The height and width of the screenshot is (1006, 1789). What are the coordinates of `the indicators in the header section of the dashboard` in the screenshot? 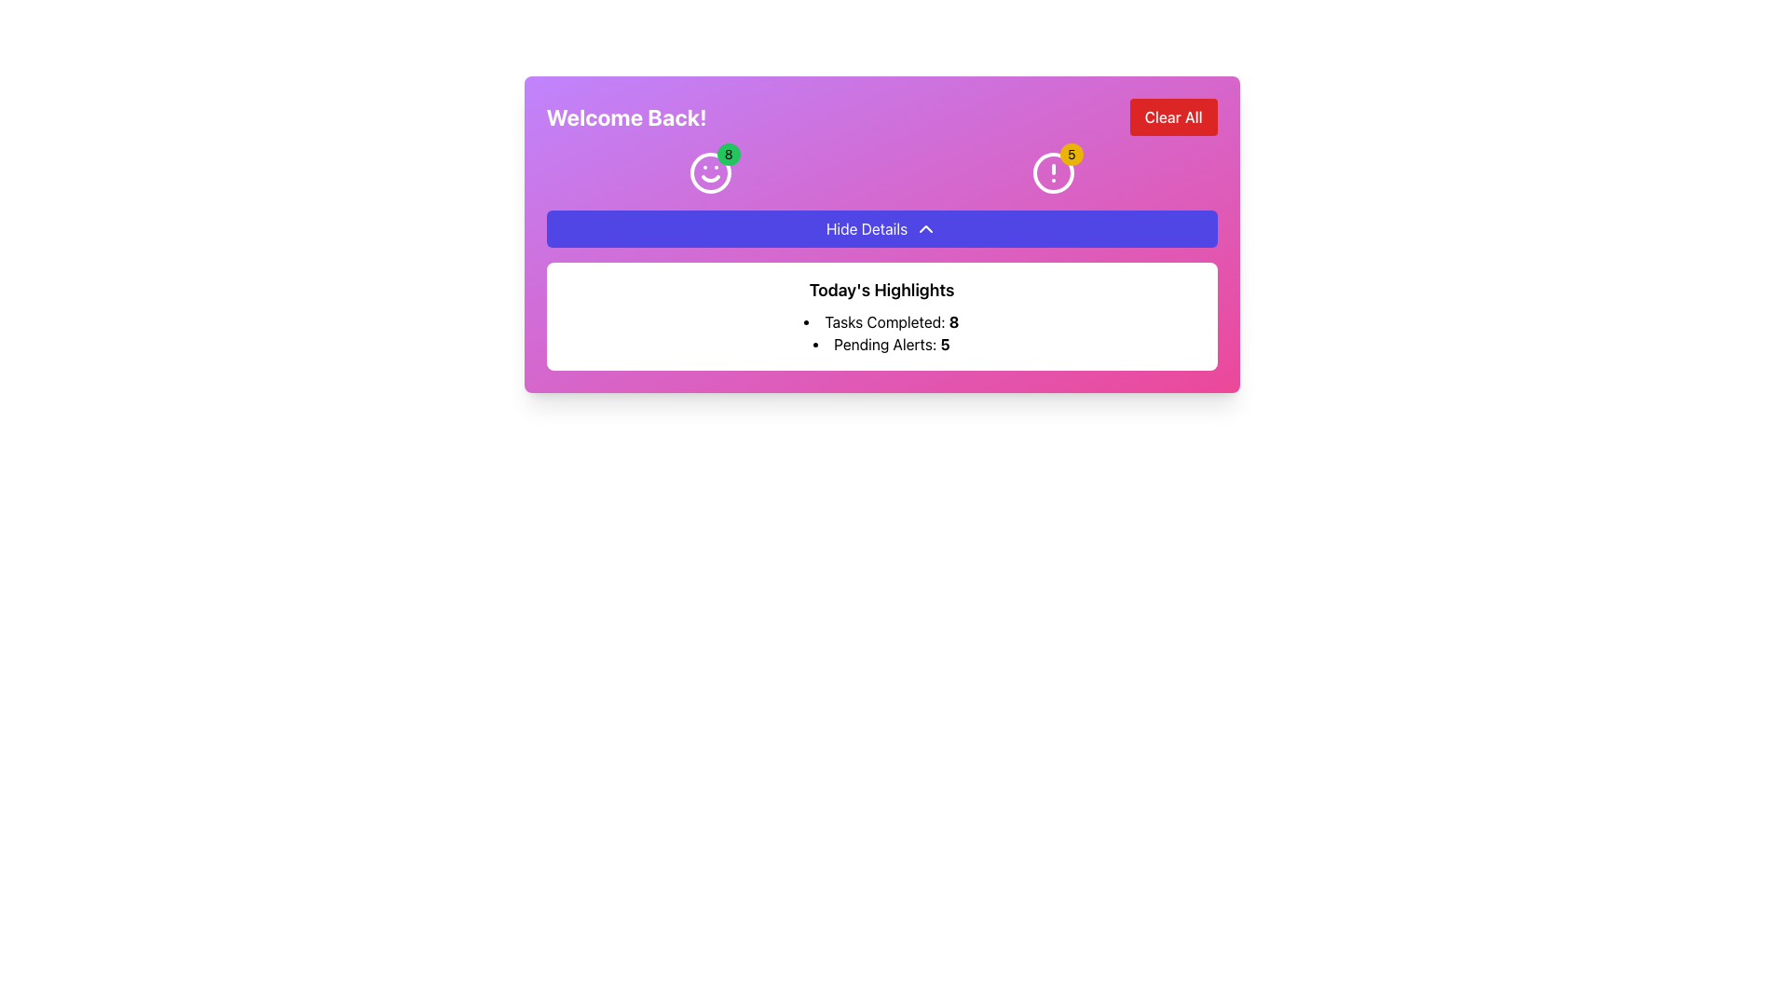 It's located at (881, 233).